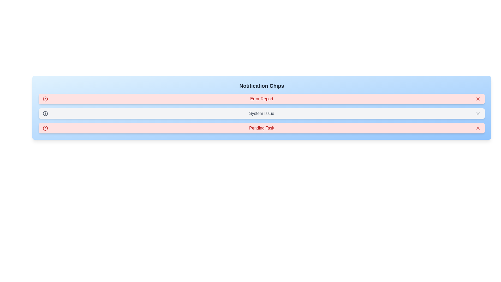  Describe the element at coordinates (478, 99) in the screenshot. I see `the close button of the chip labeled Error Report` at that location.